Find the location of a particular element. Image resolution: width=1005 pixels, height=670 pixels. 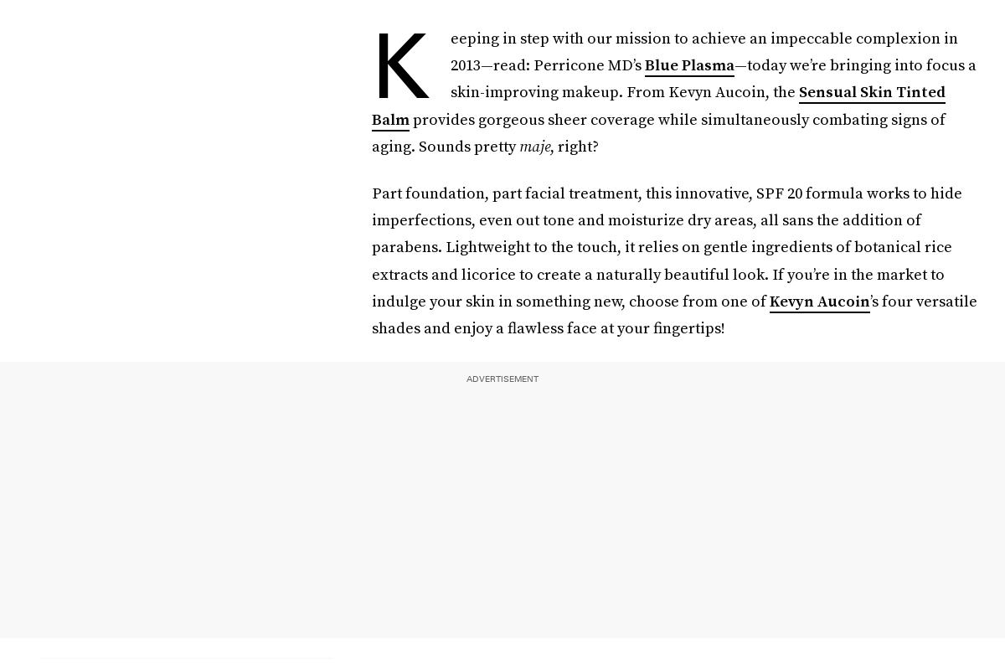

'maje' is located at coordinates (534, 144).